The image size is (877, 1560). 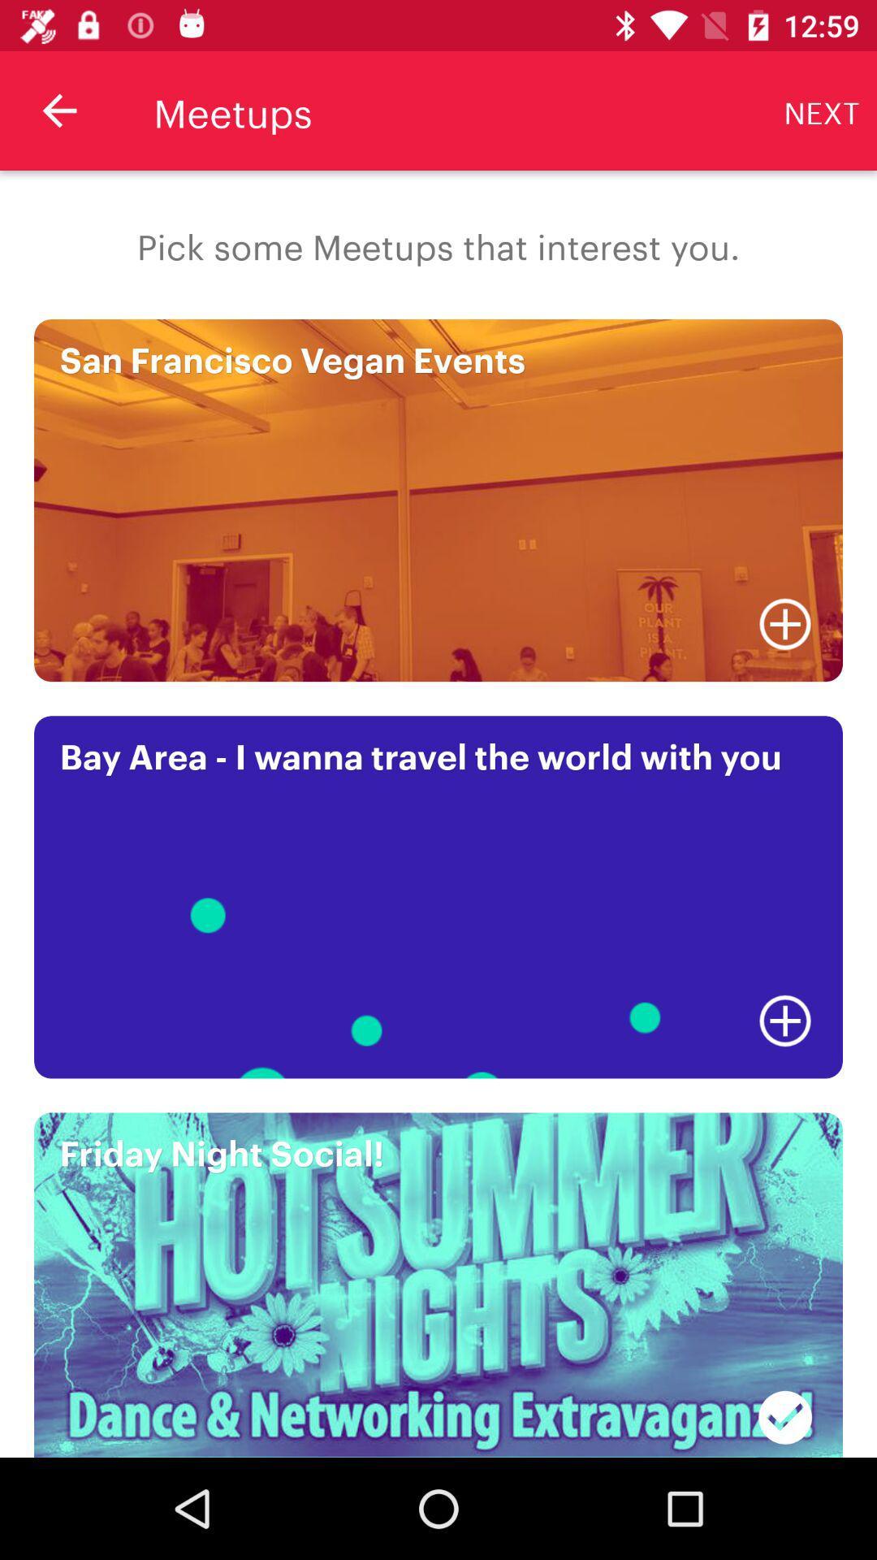 I want to click on icon below the san francisco vegan icon, so click(x=784, y=623).